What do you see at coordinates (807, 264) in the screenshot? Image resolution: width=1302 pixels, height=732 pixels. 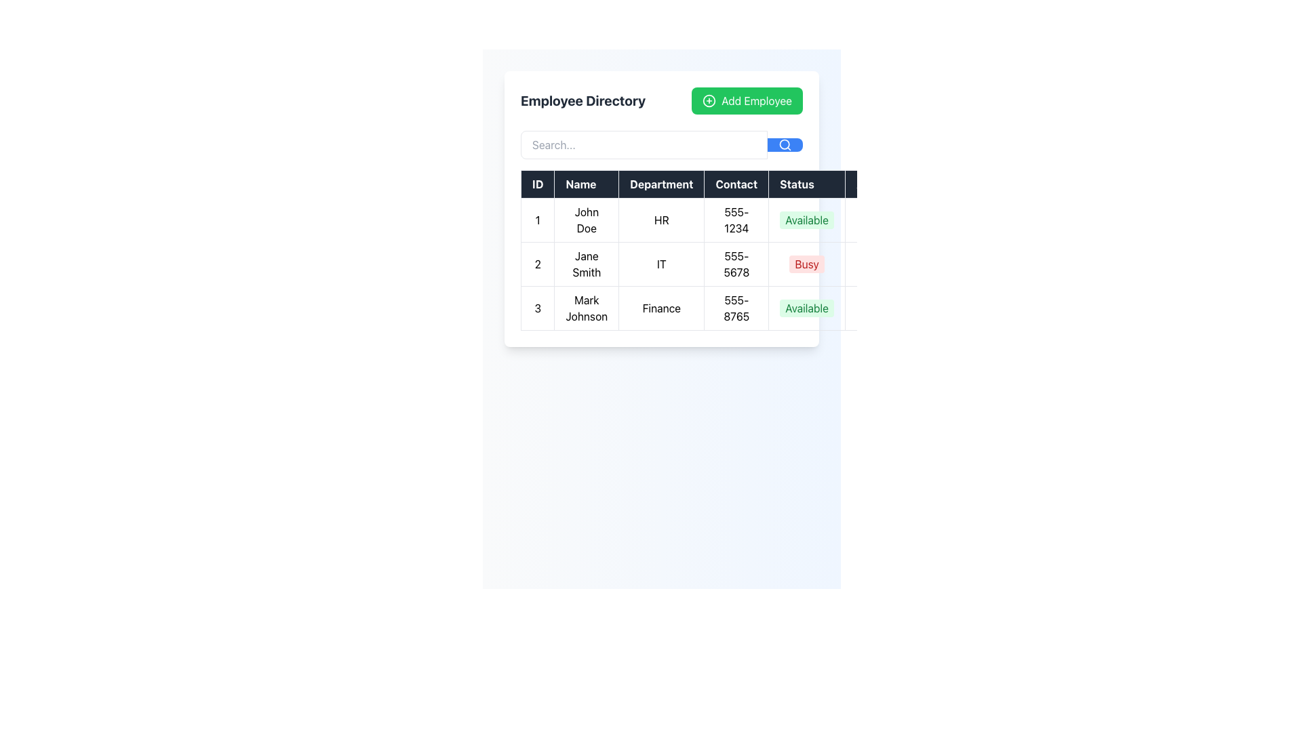 I see `the 'Busy' status label in the second row of the Employee Directory table, which is displayed in a red font with a light red background` at bounding box center [807, 264].